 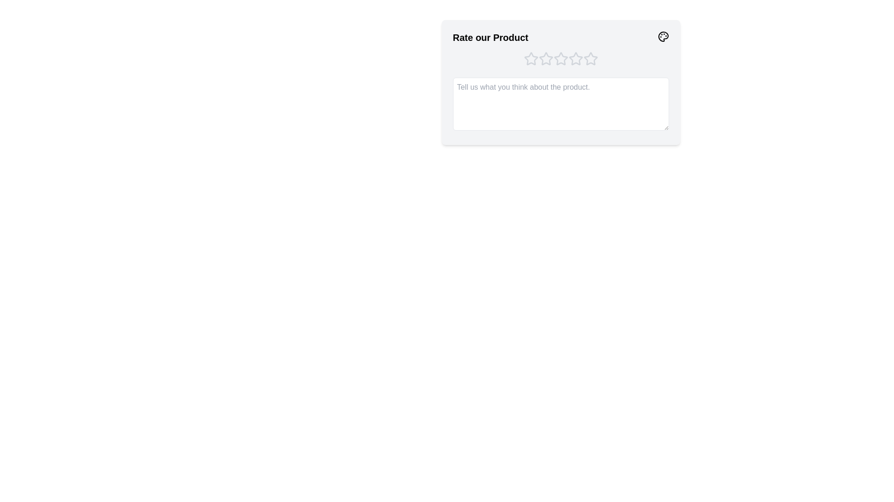 I want to click on the product rating to 1 stars by clicking on the corresponding star, so click(x=531, y=59).